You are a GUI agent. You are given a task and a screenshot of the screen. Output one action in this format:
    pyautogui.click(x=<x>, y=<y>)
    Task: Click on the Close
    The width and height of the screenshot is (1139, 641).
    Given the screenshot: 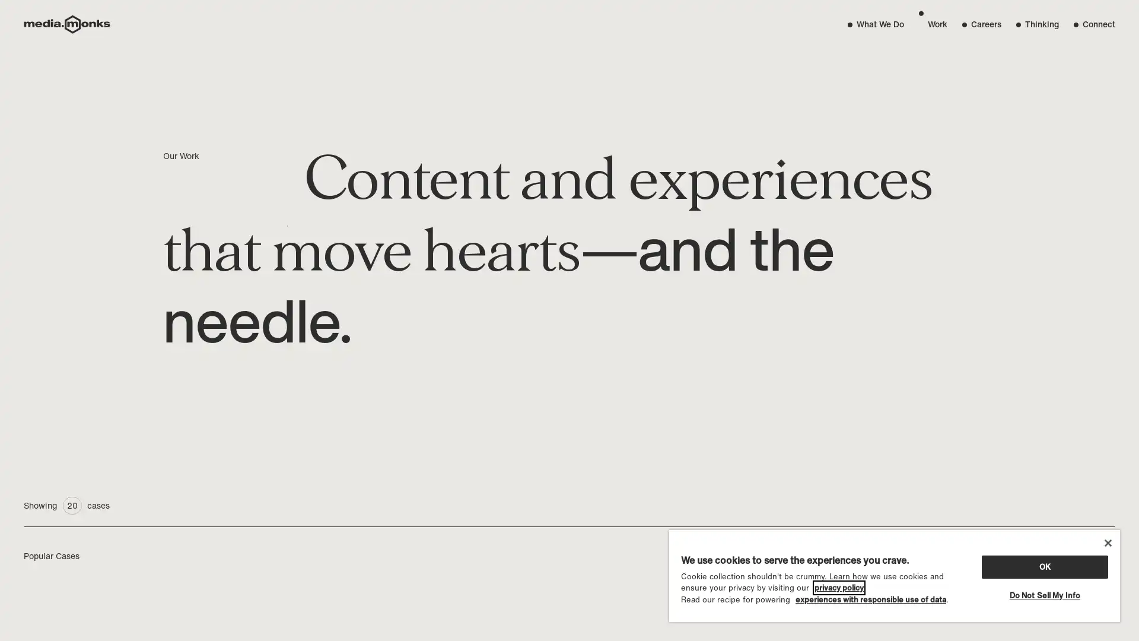 What is the action you would take?
    pyautogui.click(x=1107, y=542)
    